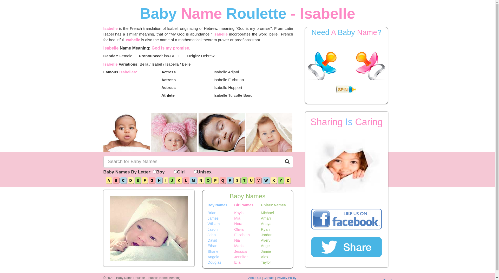 The image size is (499, 280). I want to click on 'Olivia', so click(247, 229).